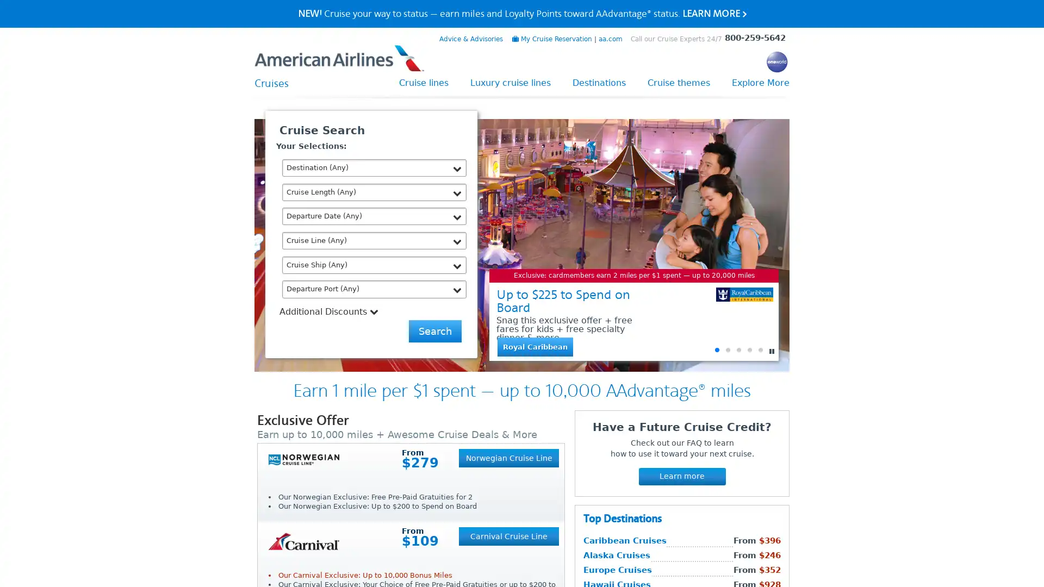  Describe the element at coordinates (678, 82) in the screenshot. I see `Cruise themes` at that location.